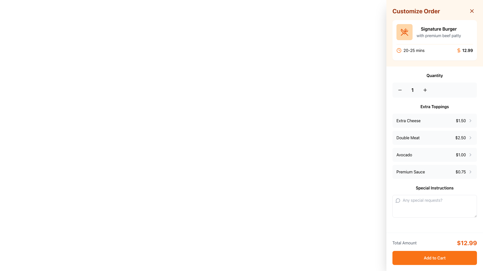 The height and width of the screenshot is (271, 483). What do you see at coordinates (414, 50) in the screenshot?
I see `the static text displaying the estimated delivery or preparation time for the item in the 'Customize Order' section, which is located in the top-right quadrant of the interface, to the right of the orange clock icon` at bounding box center [414, 50].